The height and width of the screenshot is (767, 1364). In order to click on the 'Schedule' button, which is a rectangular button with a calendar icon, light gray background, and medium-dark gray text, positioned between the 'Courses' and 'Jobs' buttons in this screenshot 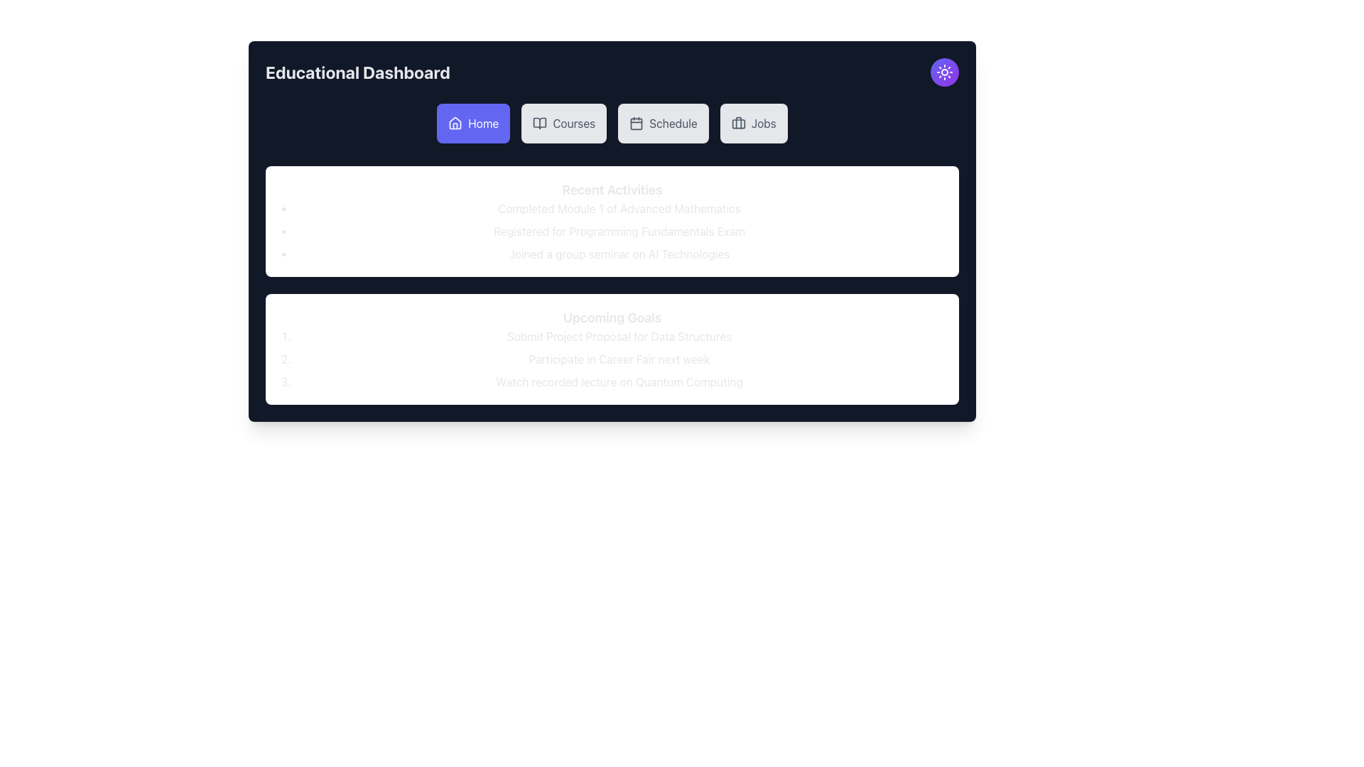, I will do `click(663, 122)`.